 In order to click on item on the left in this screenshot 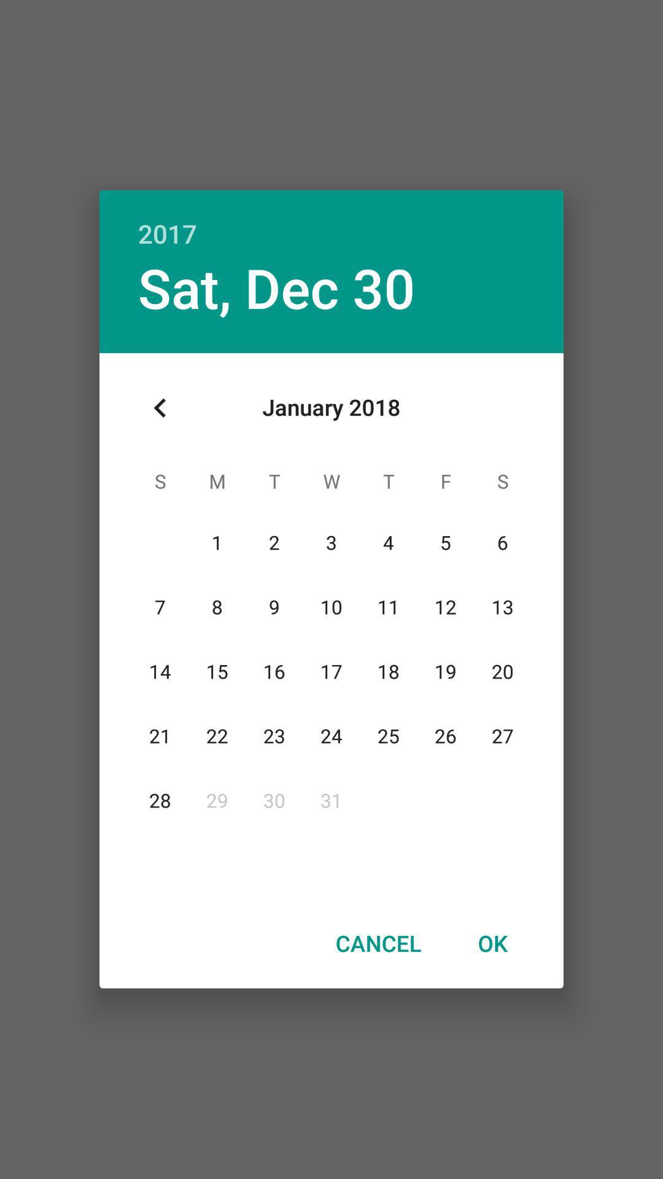, I will do `click(160, 408)`.